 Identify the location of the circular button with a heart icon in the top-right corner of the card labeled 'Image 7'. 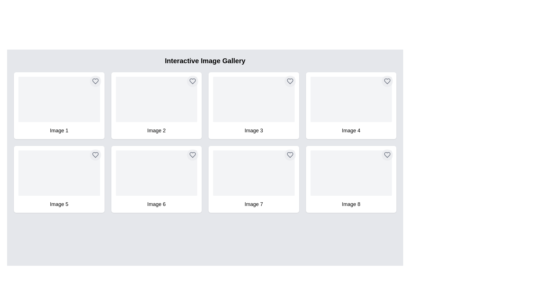
(290, 155).